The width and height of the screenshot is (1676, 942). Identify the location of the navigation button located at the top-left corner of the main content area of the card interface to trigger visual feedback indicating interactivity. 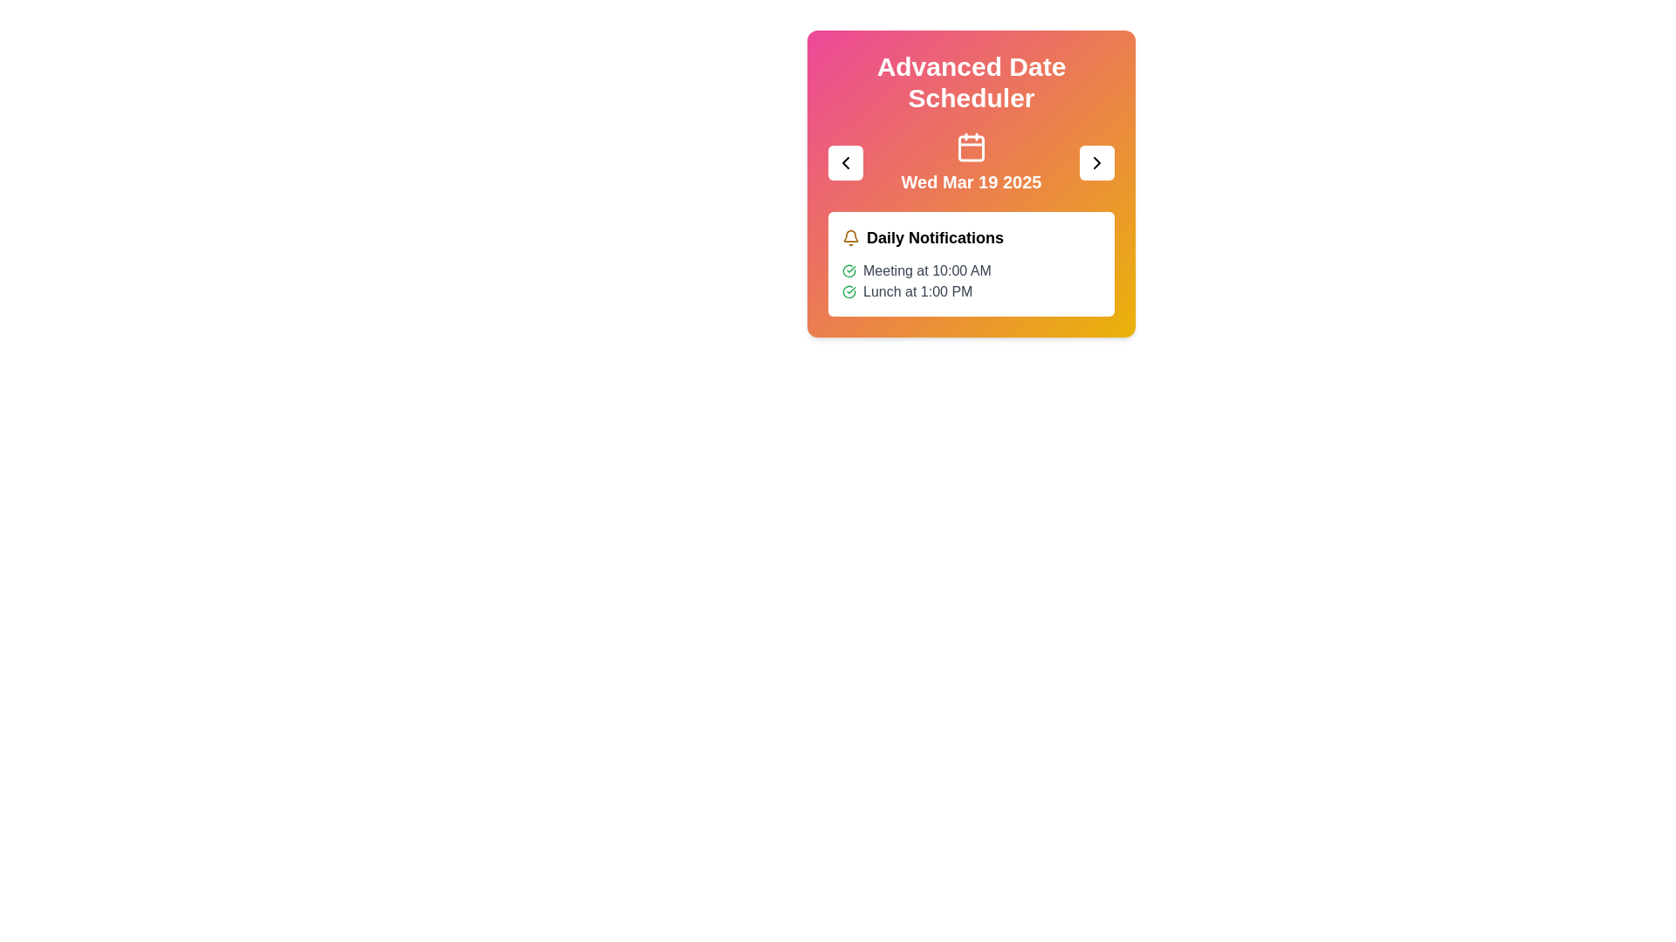
(846, 162).